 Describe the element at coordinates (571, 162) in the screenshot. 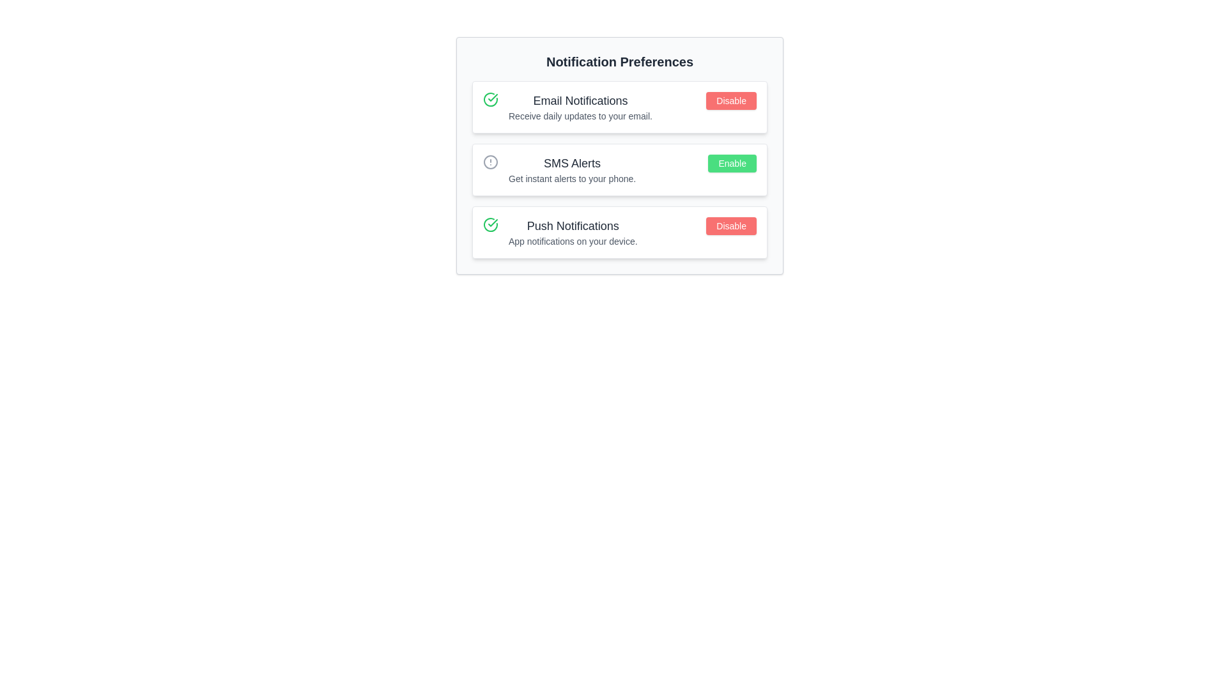

I see `the 'SMS Alerts' text label, which serves as a title for the second notification option in the 'Notification Preferences' interface, positioned above the subtext 'Get instant alerts to your phone.'` at that location.